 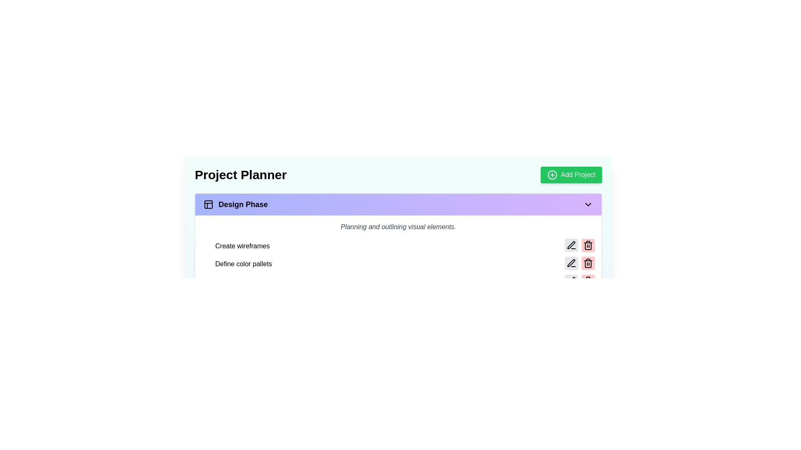 What do you see at coordinates (571, 175) in the screenshot?
I see `the button with a green background and white text reading 'Add Project'` at bounding box center [571, 175].